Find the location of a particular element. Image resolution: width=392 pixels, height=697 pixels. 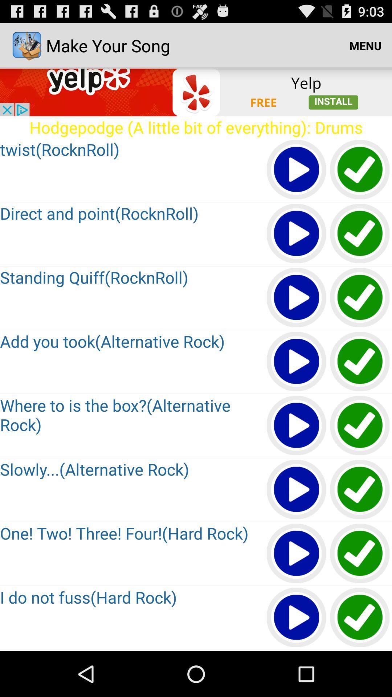

next is located at coordinates (297, 651).